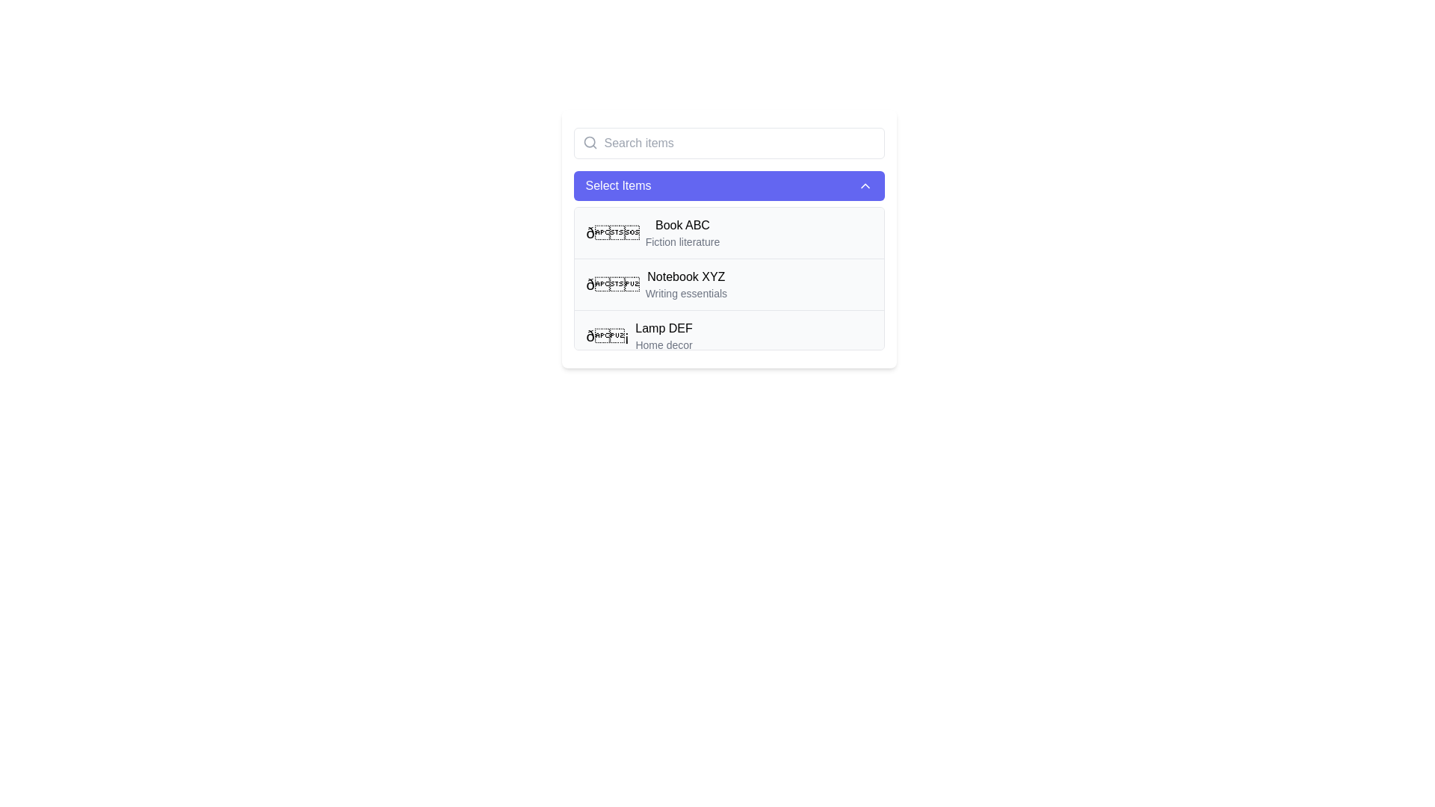 The image size is (1435, 807). What do you see at coordinates (729, 238) in the screenshot?
I see `the items in the Dropdown list labeled 'Select Items'` at bounding box center [729, 238].